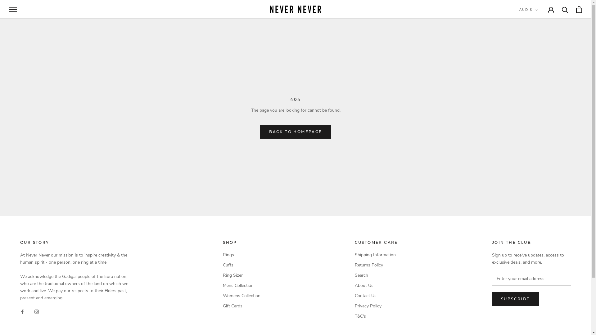  I want to click on 'Privacy Policy', so click(376, 306).